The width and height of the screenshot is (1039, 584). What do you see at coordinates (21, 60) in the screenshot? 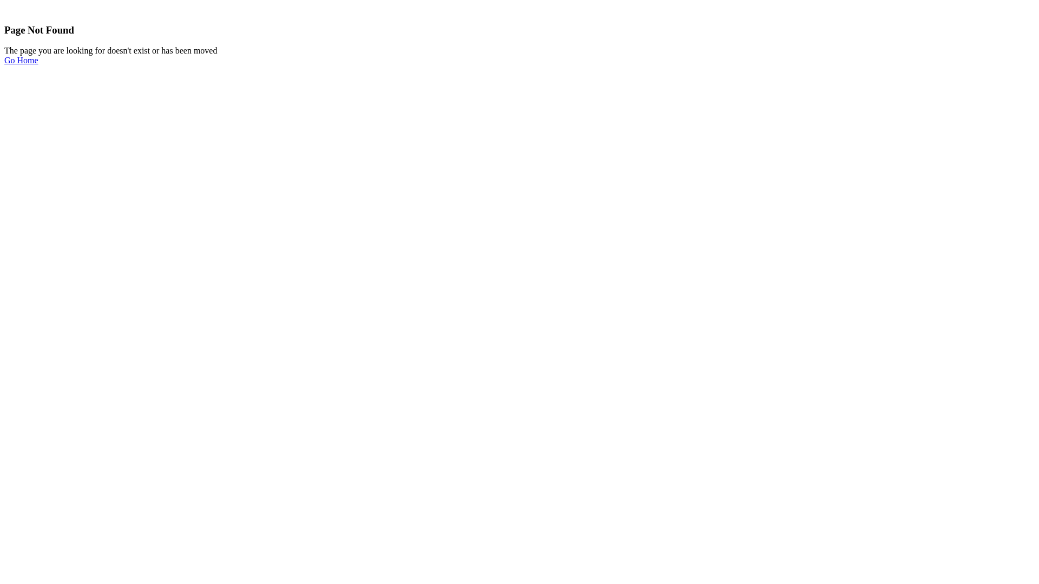
I see `'Go Home'` at bounding box center [21, 60].